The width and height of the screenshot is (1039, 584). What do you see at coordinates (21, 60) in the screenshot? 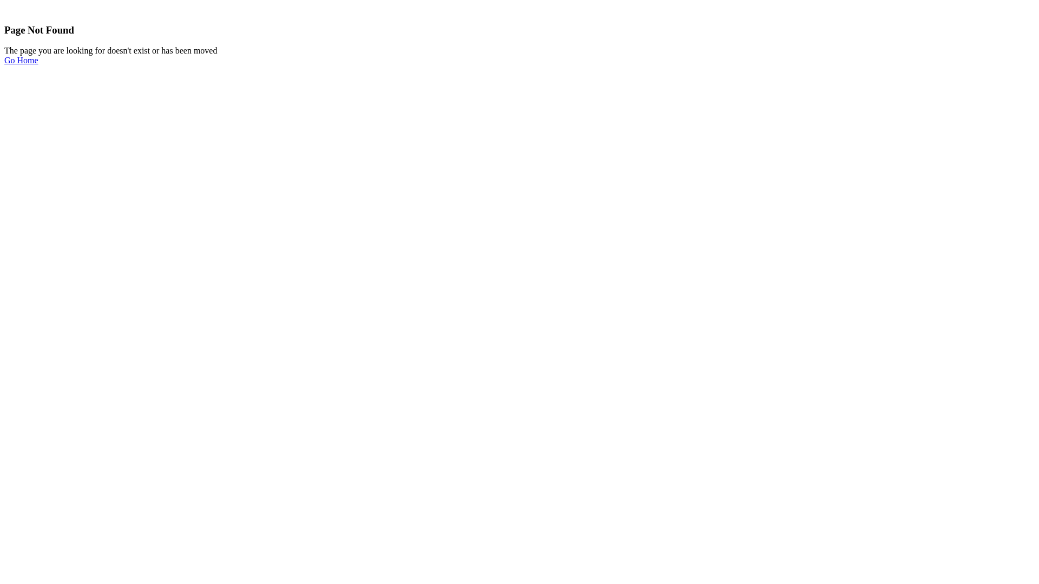
I see `'Go Home'` at bounding box center [21, 60].